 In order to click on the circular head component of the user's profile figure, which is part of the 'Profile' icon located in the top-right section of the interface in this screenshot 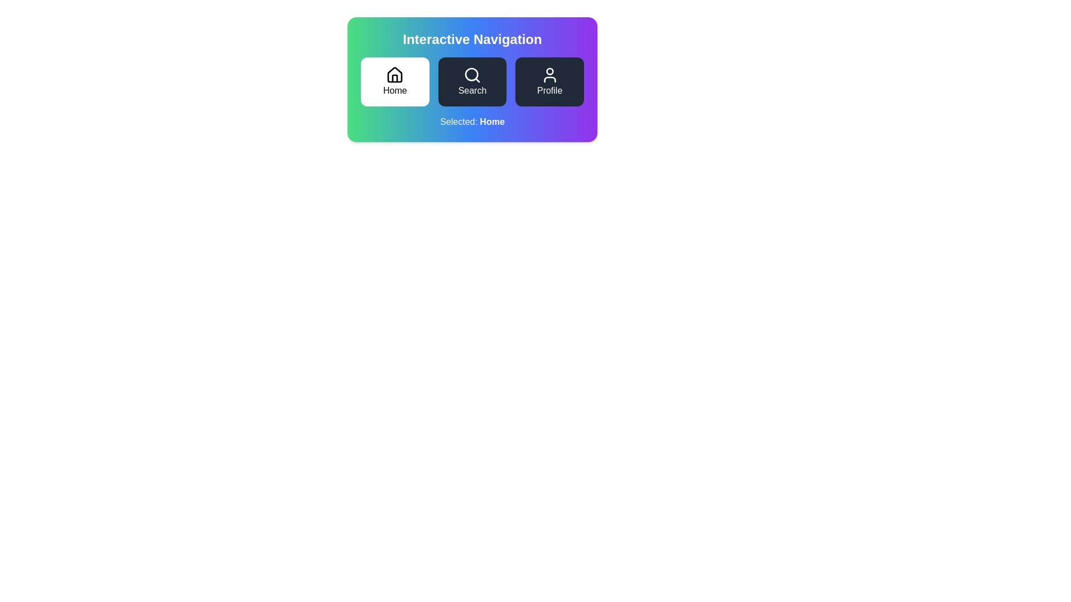, I will do `click(549, 71)`.